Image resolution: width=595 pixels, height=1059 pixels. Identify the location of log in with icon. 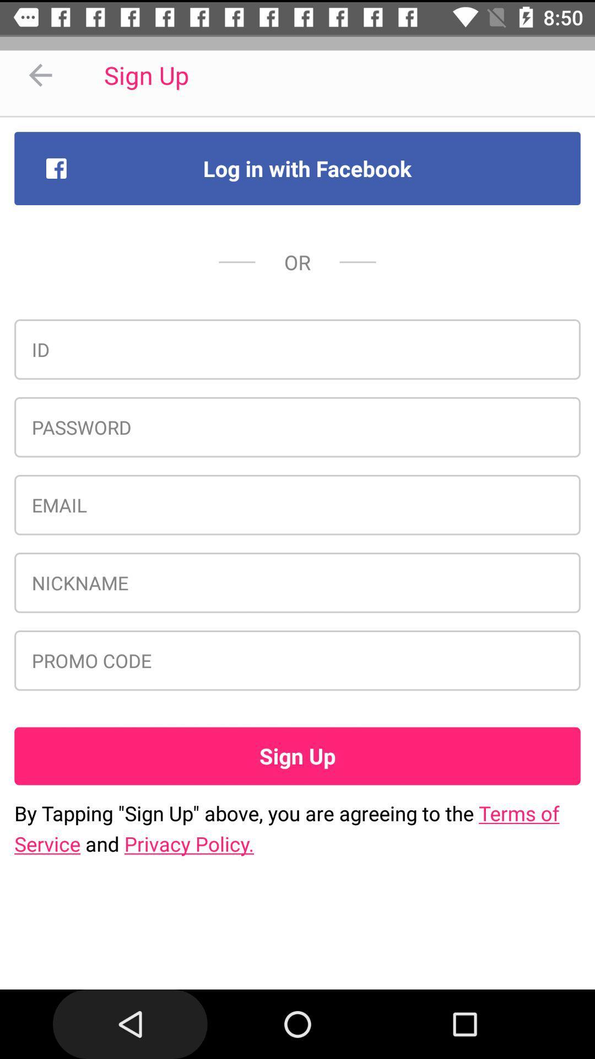
(297, 168).